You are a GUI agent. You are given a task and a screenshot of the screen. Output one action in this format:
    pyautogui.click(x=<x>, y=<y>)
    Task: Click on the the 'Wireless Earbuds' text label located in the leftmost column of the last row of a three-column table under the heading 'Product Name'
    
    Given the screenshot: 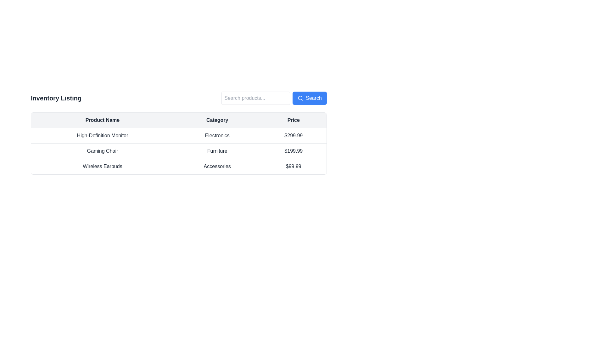 What is the action you would take?
    pyautogui.click(x=103, y=166)
    